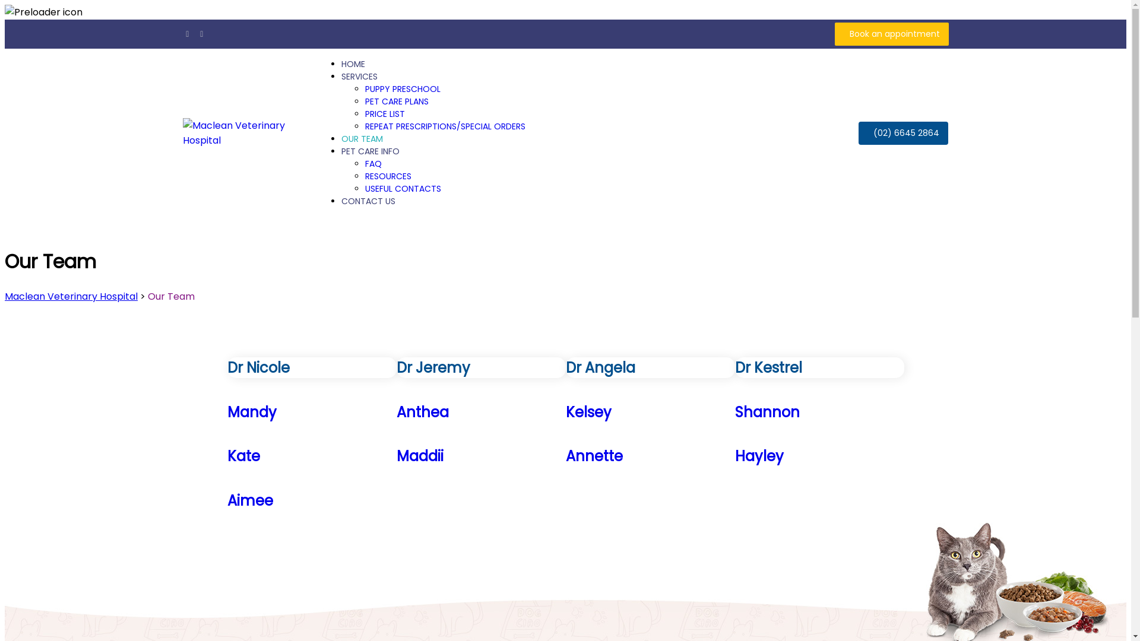 Image resolution: width=1140 pixels, height=641 pixels. Describe the element at coordinates (370, 150) in the screenshot. I see `'PET CARE INFO'` at that location.